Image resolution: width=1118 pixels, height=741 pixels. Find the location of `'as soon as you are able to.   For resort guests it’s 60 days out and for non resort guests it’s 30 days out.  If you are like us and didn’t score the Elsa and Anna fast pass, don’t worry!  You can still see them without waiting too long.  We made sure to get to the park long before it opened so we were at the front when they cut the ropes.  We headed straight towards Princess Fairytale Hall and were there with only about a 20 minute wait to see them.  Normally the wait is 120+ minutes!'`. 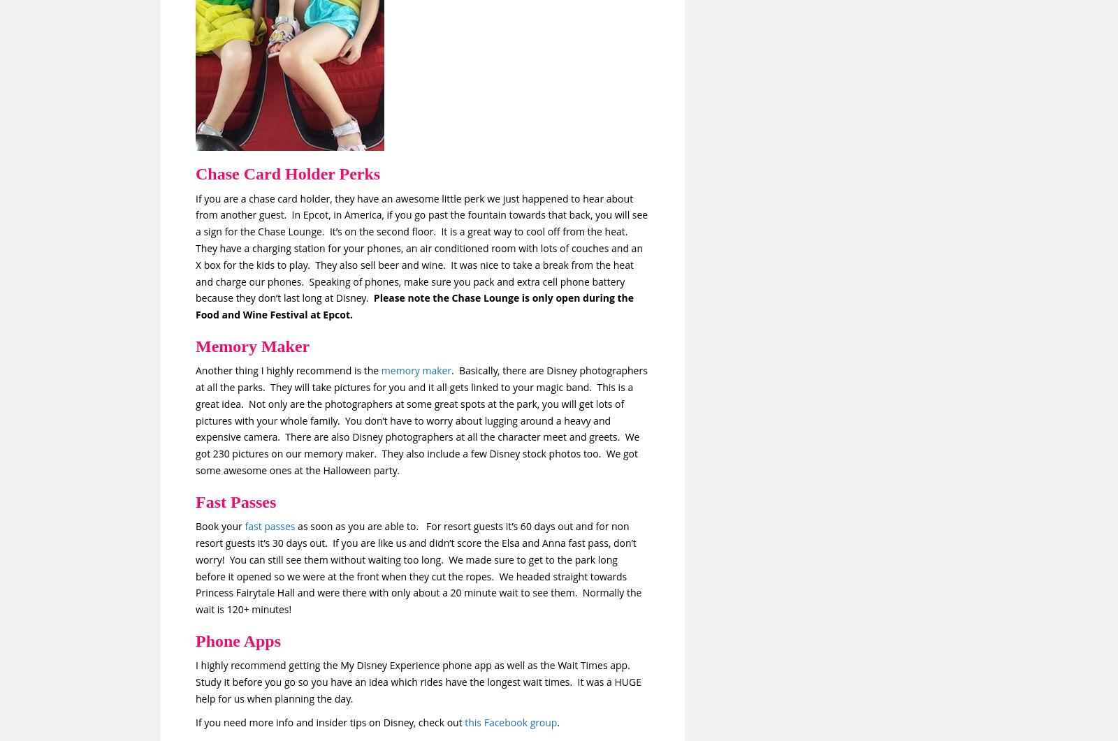

'as soon as you are able to.   For resort guests it’s 60 days out and for non resort guests it’s 30 days out.  If you are like us and didn’t score the Elsa and Anna fast pass, don’t worry!  You can still see them without waiting too long.  We made sure to get to the park long before it opened so we were at the front when they cut the ropes.  We headed straight towards Princess Fairytale Hall and were there with only about a 20 minute wait to see them.  Normally the wait is 120+ minutes!' is located at coordinates (418, 568).